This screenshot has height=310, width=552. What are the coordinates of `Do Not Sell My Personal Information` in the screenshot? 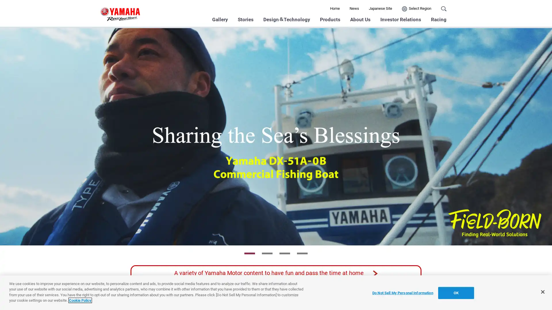 It's located at (402, 293).